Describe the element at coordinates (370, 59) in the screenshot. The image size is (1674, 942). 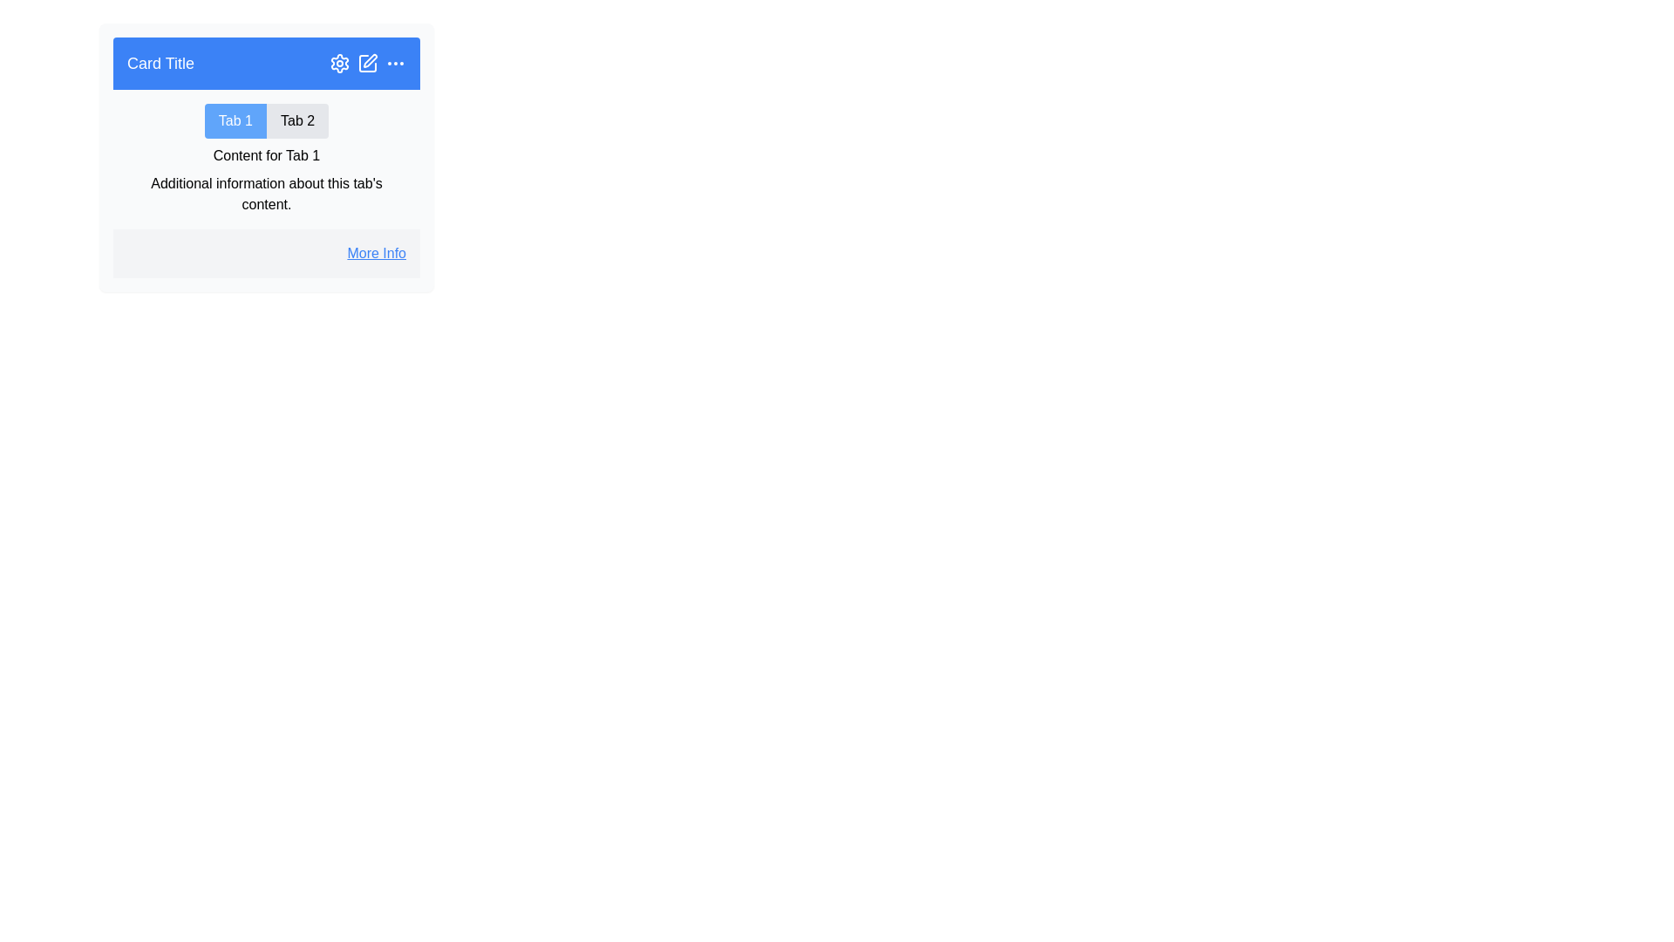
I see `the edit icon located at the top-right edge of the card` at that location.